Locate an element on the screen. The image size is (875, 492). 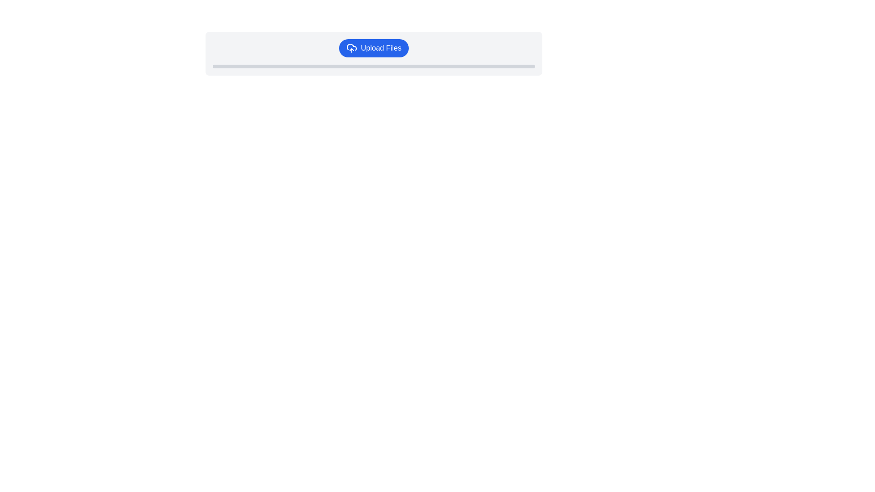
the interactive upload trigger button located above the progress bar is located at coordinates (374, 48).